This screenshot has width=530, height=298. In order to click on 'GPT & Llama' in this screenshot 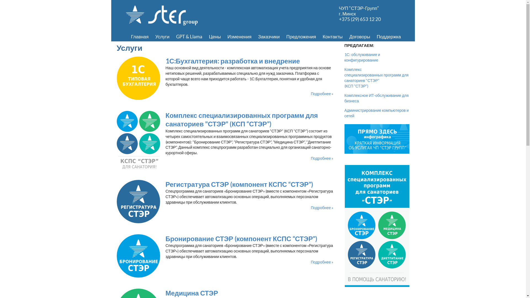, I will do `click(172, 36)`.